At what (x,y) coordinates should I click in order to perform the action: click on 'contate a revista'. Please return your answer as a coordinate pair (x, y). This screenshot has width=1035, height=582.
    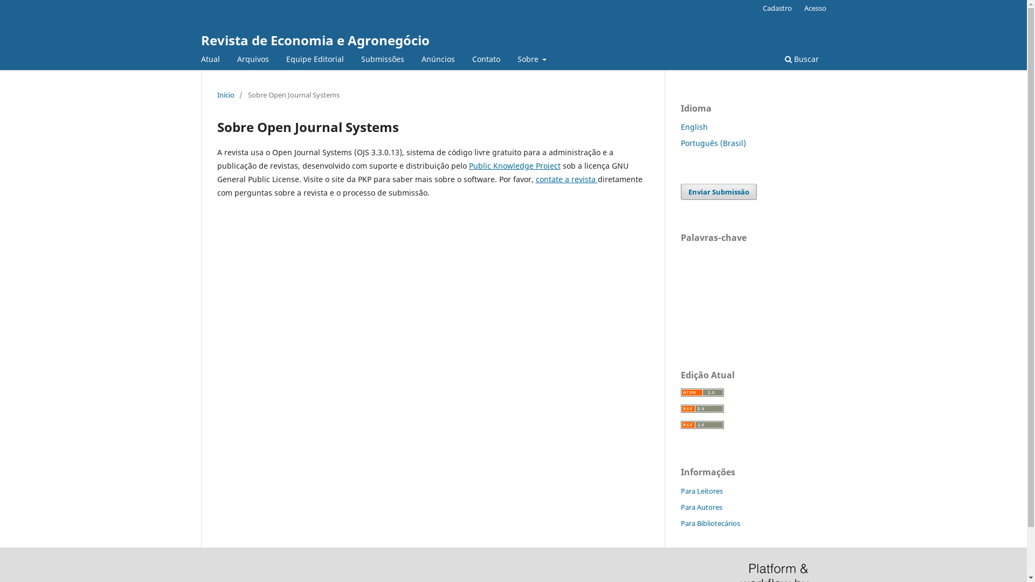
    Looking at the image, I should click on (566, 178).